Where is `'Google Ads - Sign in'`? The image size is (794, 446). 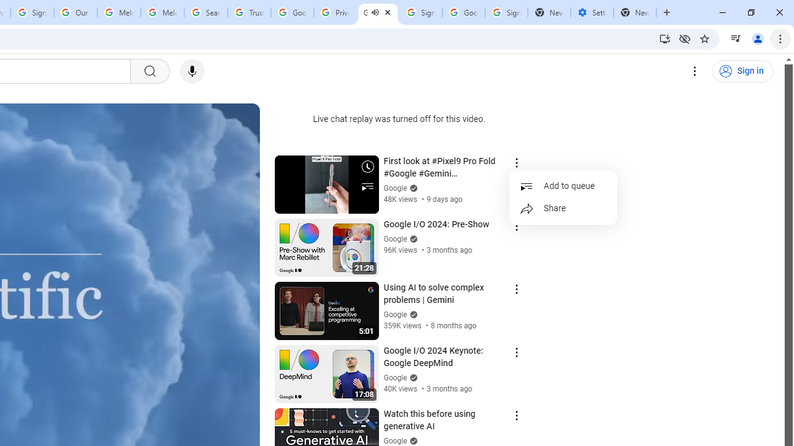
'Google Ads - Sign in' is located at coordinates (292, 12).